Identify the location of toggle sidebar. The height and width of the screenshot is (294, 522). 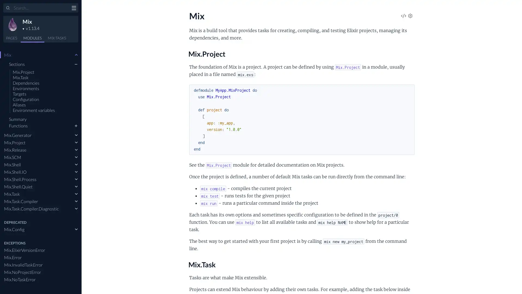
(73, 8).